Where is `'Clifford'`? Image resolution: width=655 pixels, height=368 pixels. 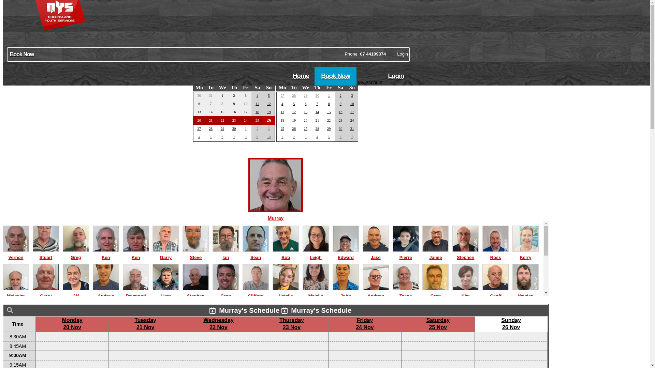
'Clifford' is located at coordinates (255, 292).